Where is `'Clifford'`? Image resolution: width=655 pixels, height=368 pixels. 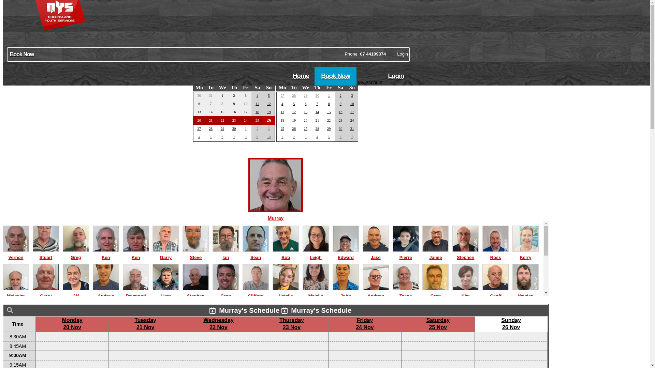
'Clifford' is located at coordinates (255, 292).